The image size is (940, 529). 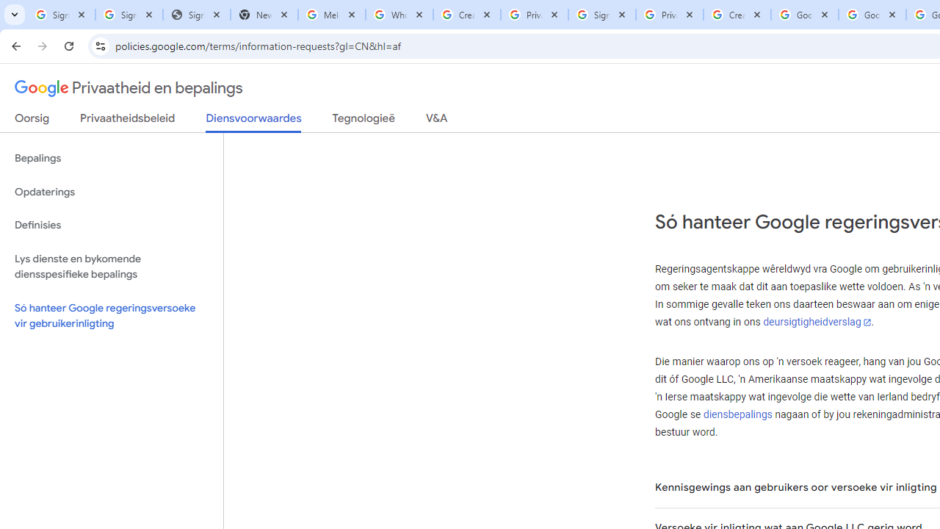 What do you see at coordinates (111, 225) in the screenshot?
I see `'Definisies'` at bounding box center [111, 225].